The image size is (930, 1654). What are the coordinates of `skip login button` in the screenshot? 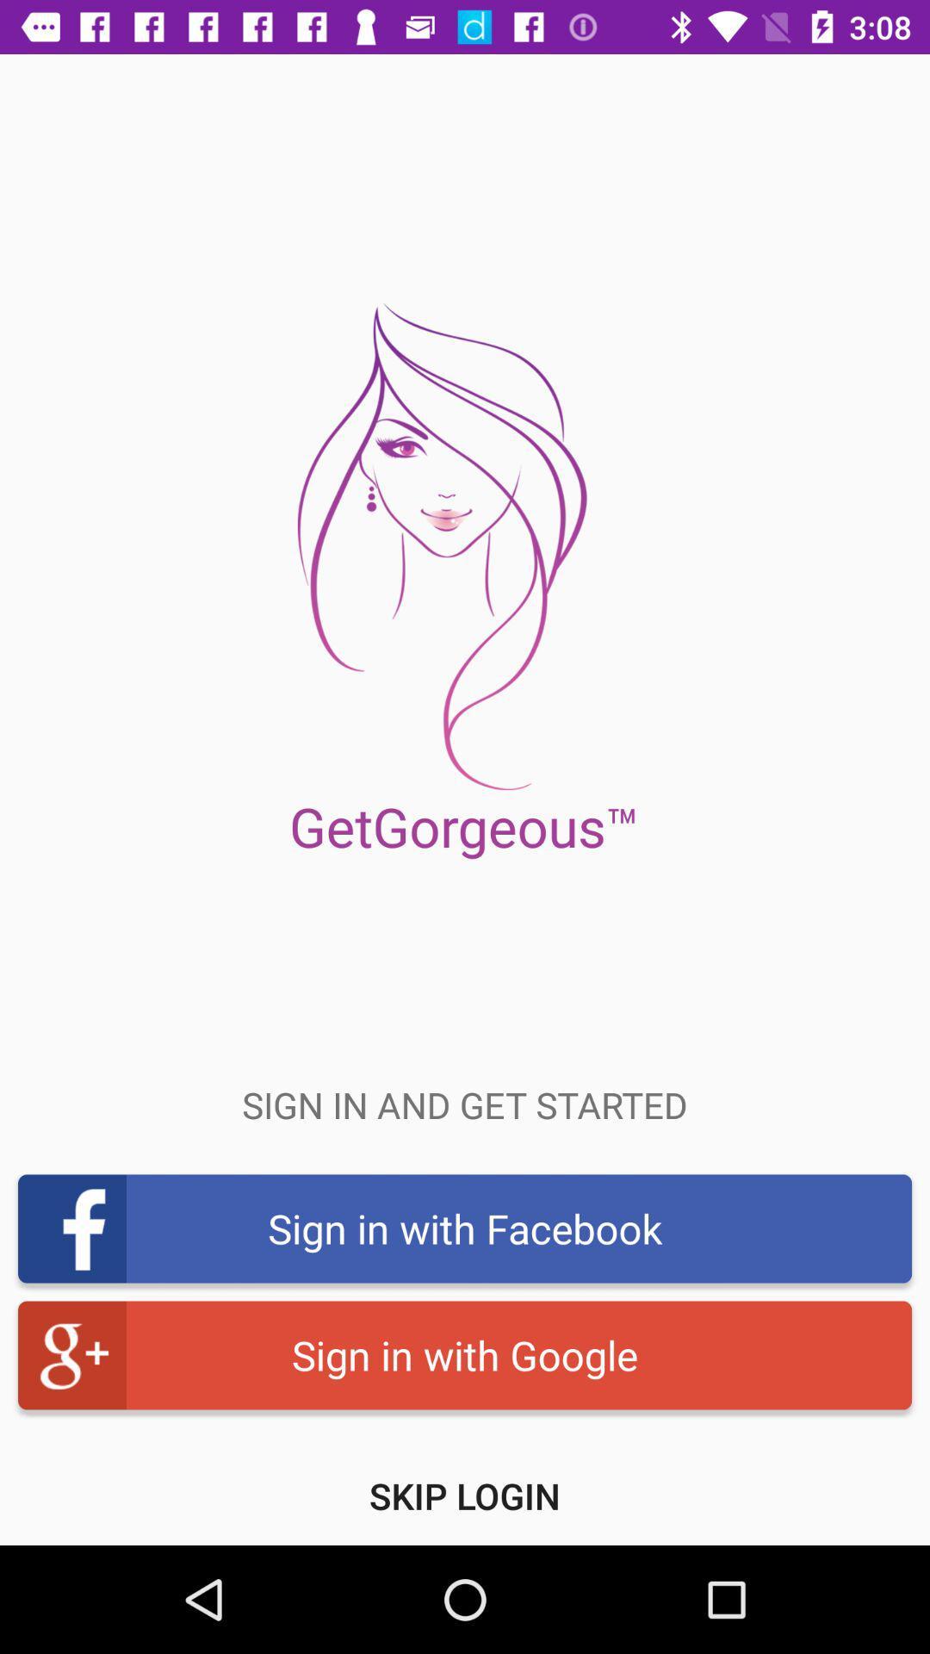 It's located at (465, 1495).